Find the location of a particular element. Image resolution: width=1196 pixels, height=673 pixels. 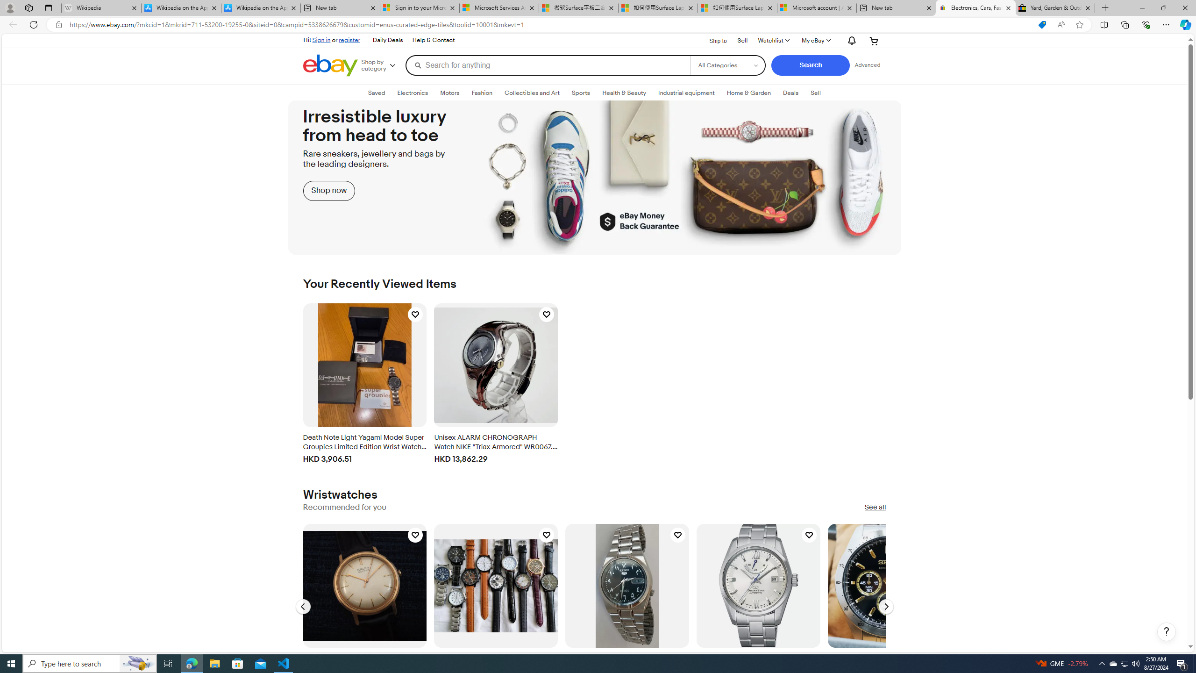

'Sell' is located at coordinates (815, 93).